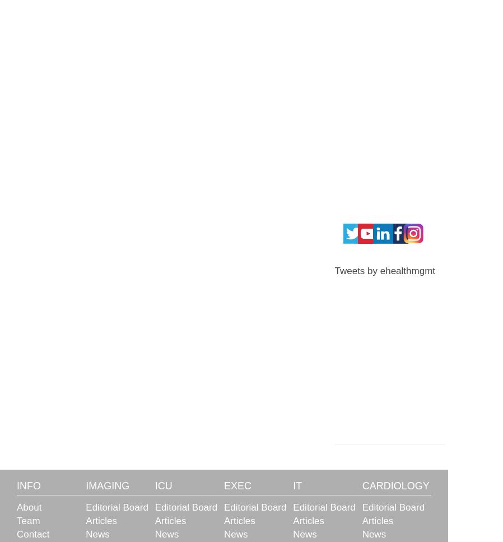 The height and width of the screenshot is (542, 503). What do you see at coordinates (384, 270) in the screenshot?
I see `'Tweets by ehealthmgmt'` at bounding box center [384, 270].